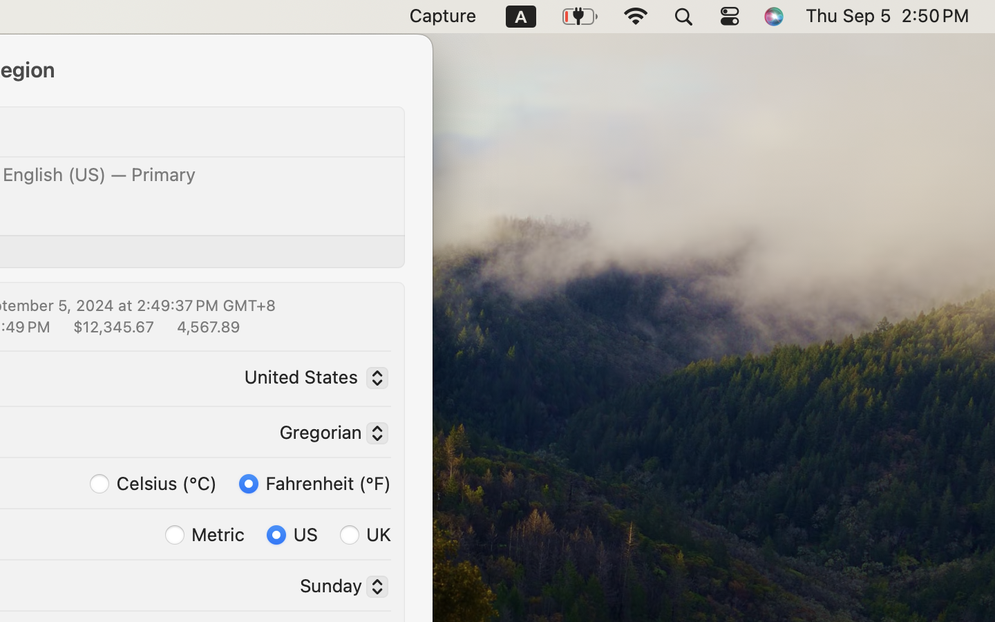  I want to click on 'Gregorian', so click(328, 435).